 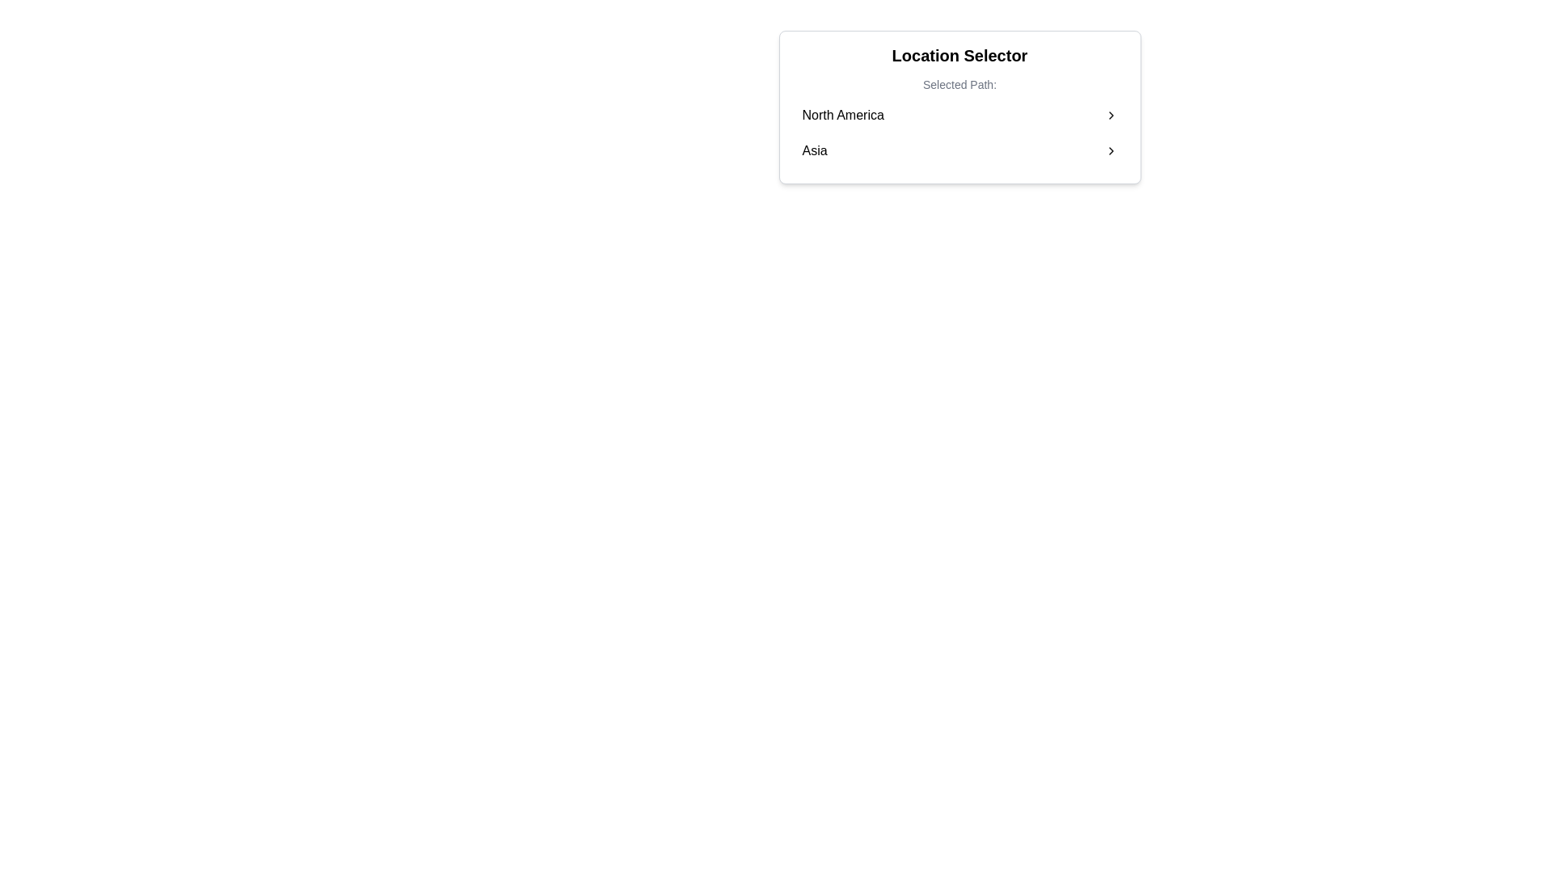 I want to click on the right-pointing chevron arrow icon located to the far right of the 'North America' text row, so click(x=1110, y=114).